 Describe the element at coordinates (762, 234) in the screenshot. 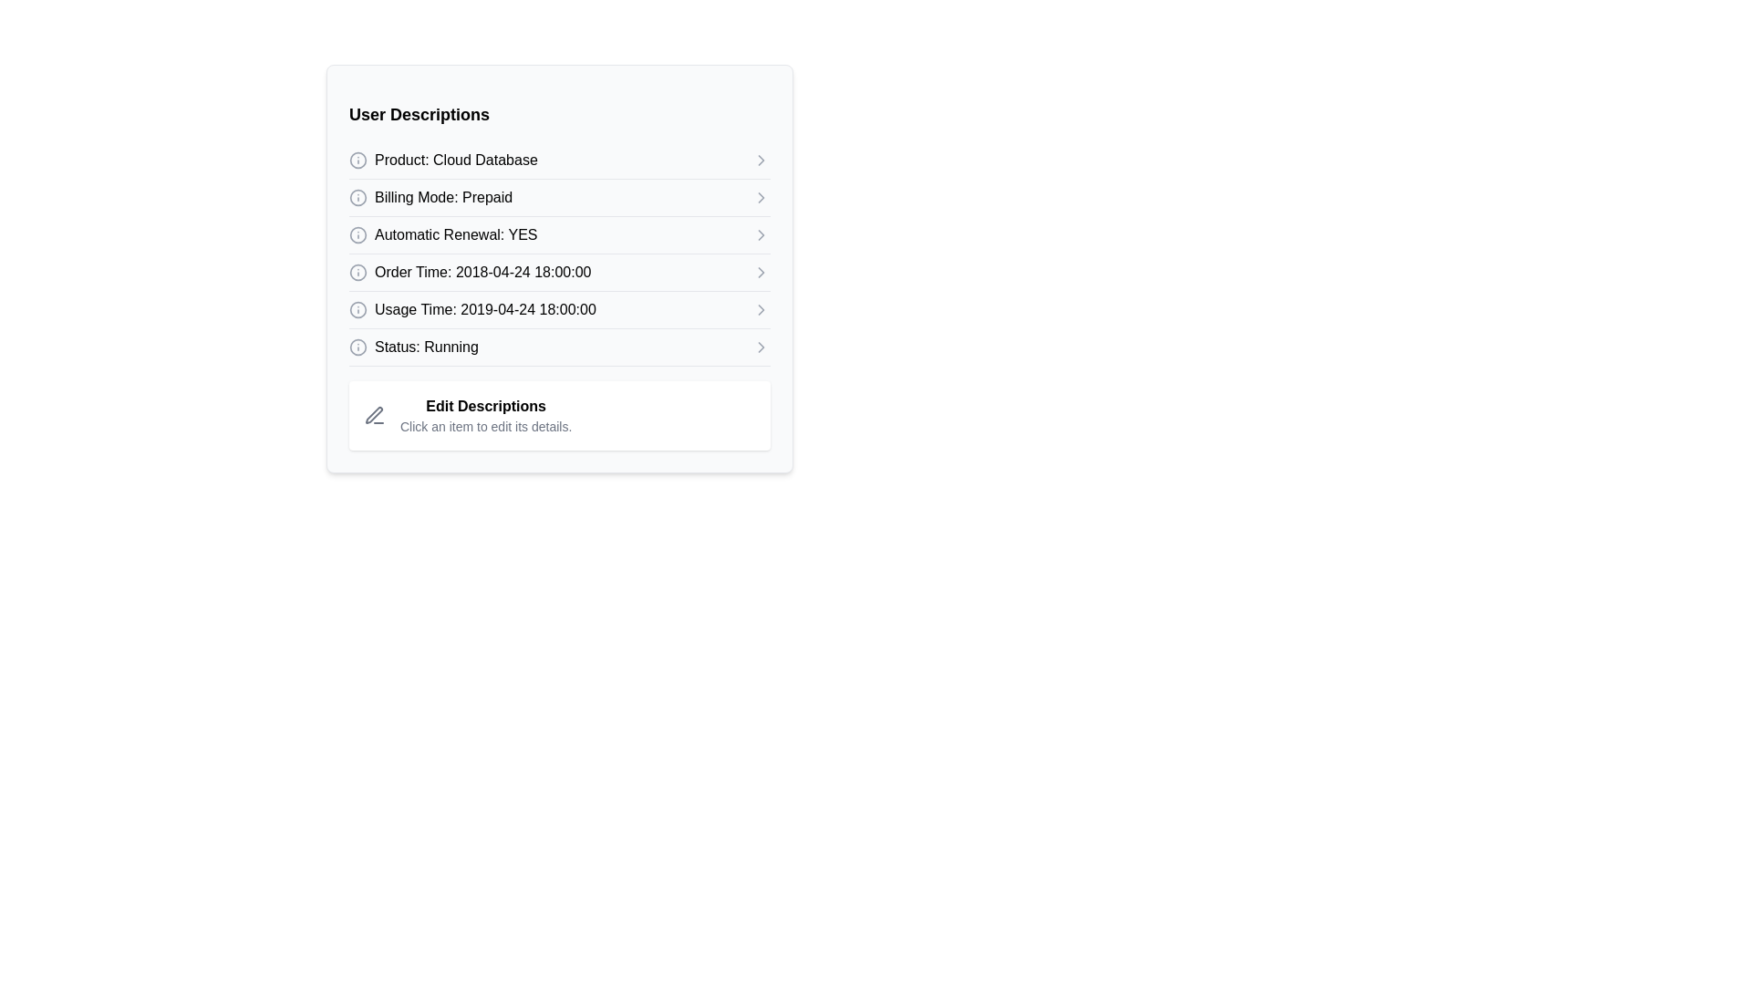

I see `the far-right icon in the row labeled 'Automatic Renewal: YES'` at that location.